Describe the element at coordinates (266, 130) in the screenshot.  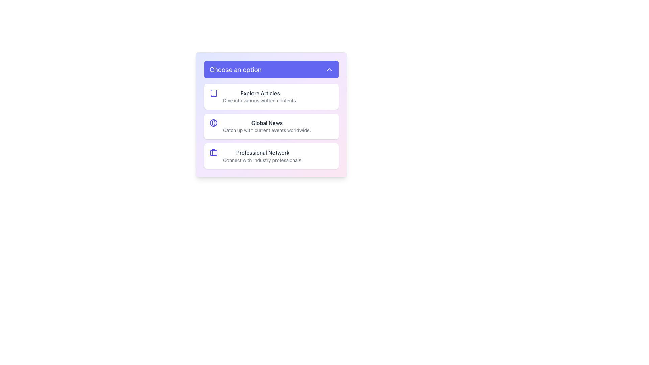
I see `the informative text label that provides context for the 'Global News' option, located directly below the heading and aligned horizontally with it` at that location.